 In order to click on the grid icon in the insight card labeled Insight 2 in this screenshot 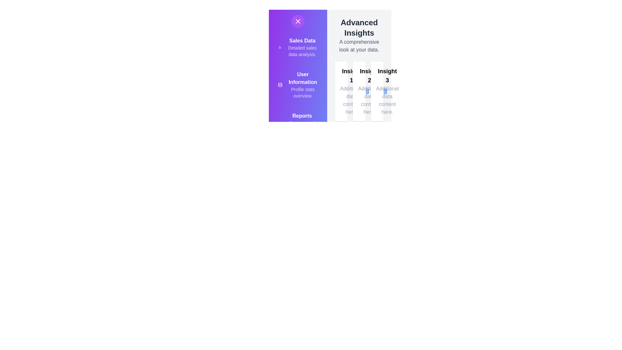, I will do `click(384, 91)`.